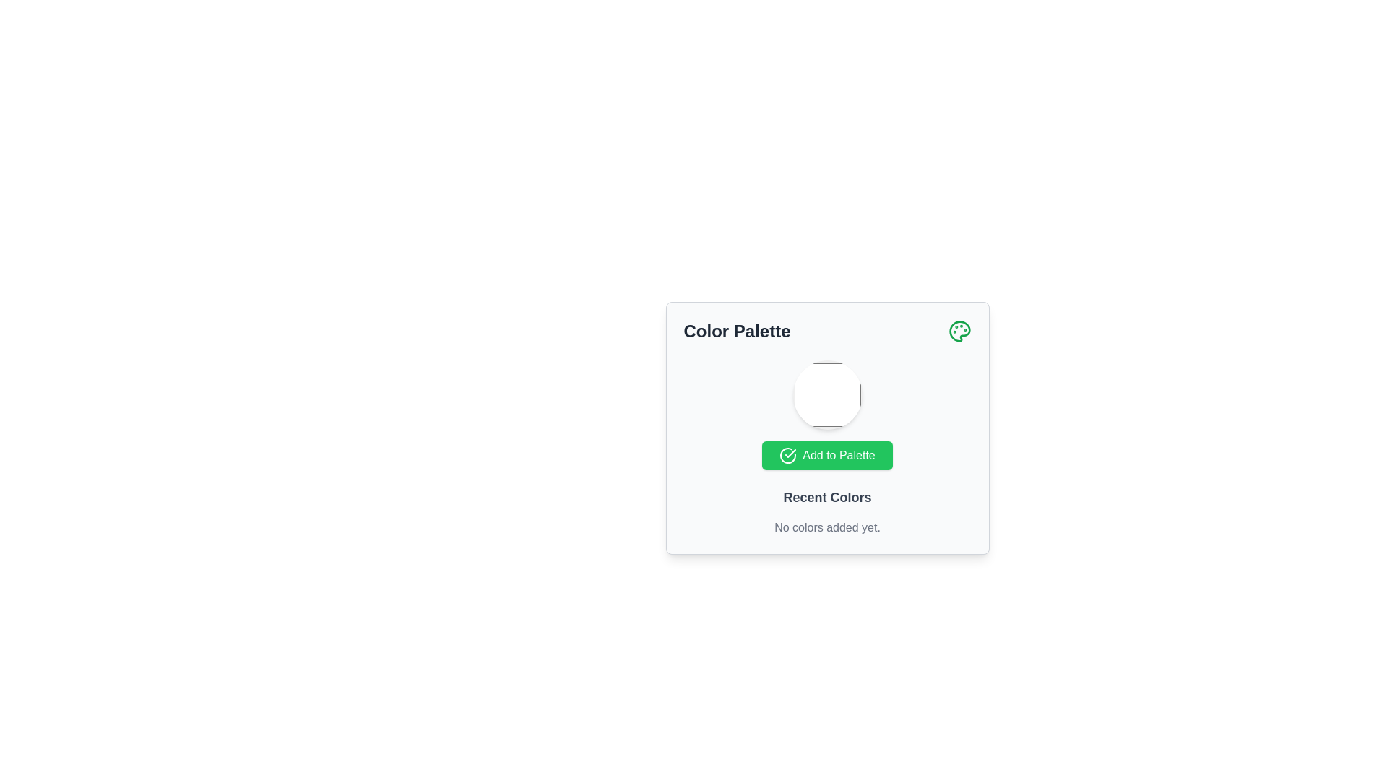 The image size is (1387, 780). Describe the element at coordinates (827, 528) in the screenshot. I see `the Text Label that displays 'No colors added yet.' which is styled with a gray font and located below the 'Recent Colors' title within a grid layout` at that location.